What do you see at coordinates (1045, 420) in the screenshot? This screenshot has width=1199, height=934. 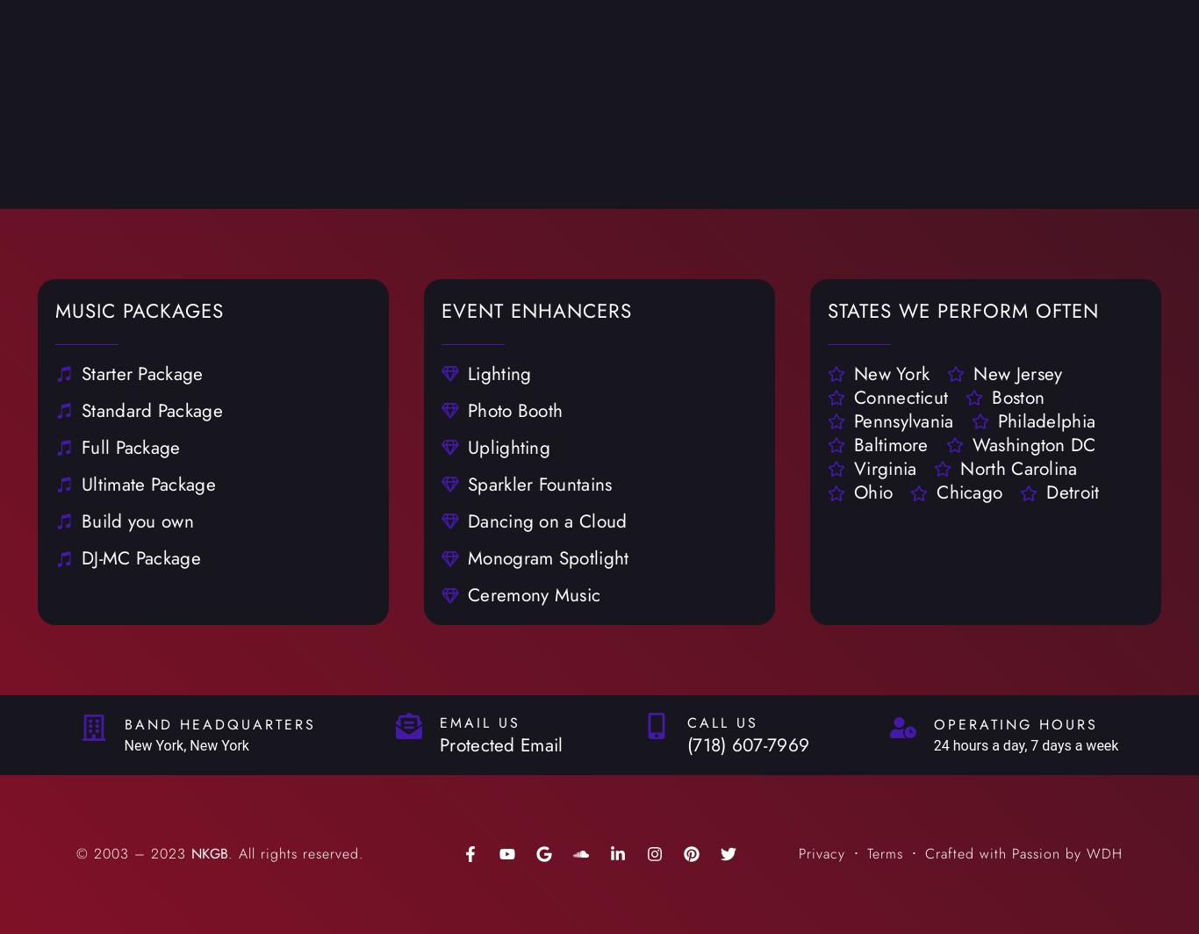 I see `'Philadelphia'` at bounding box center [1045, 420].